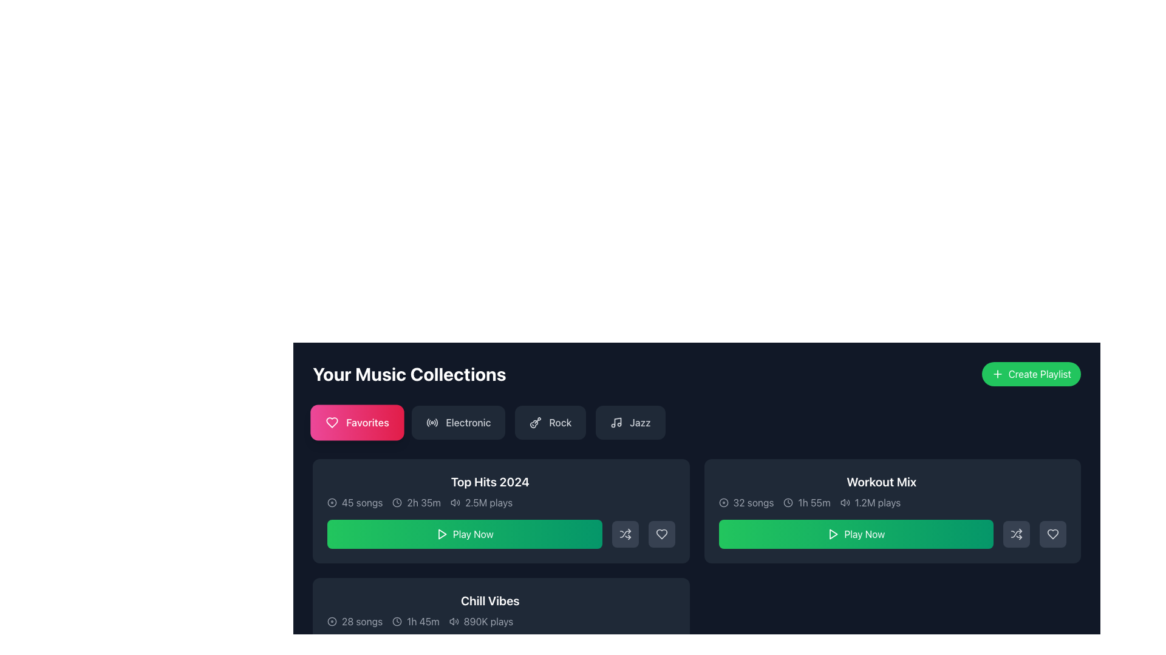  What do you see at coordinates (663, 483) in the screenshot?
I see `the ellipsis button located in the top-right corner of the 'Top Hits 2024' music collection card` at bounding box center [663, 483].